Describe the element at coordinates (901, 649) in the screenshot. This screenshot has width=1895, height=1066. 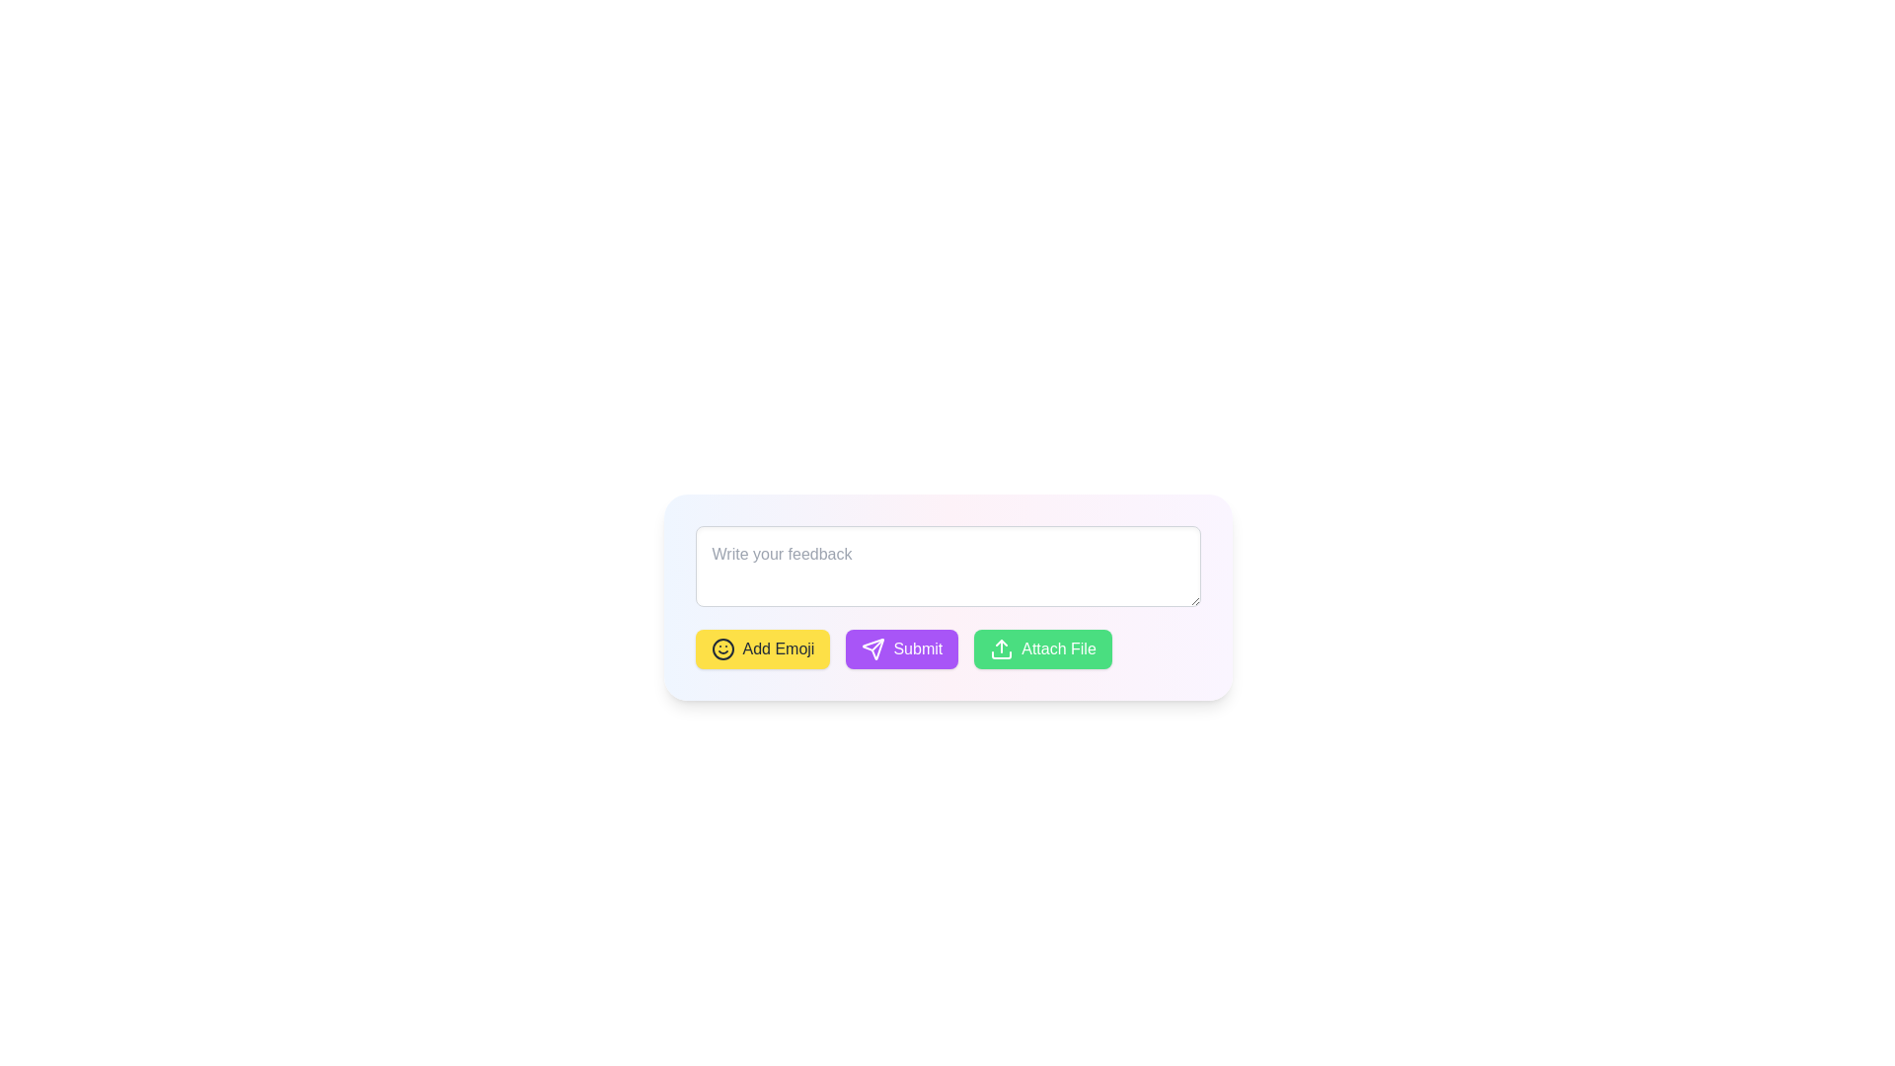
I see `the feedback submission button located between the yellow 'Add Emoji' button and the green 'Attach File' button` at that location.